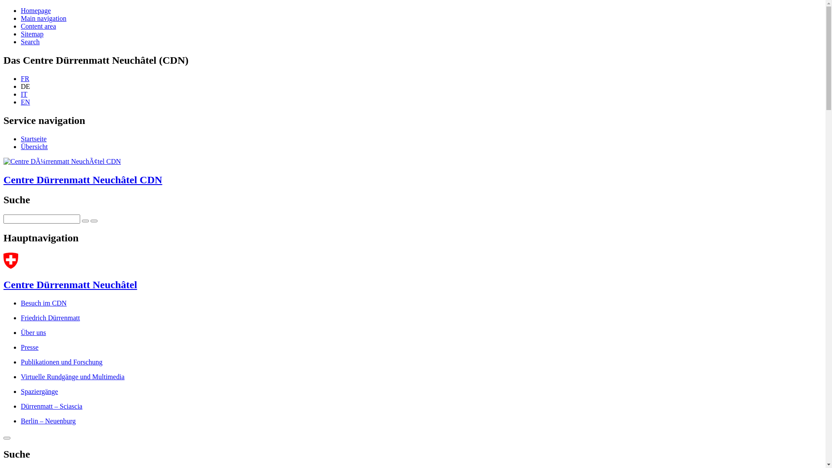 This screenshot has height=468, width=832. What do you see at coordinates (25, 86) in the screenshot?
I see `'DE'` at bounding box center [25, 86].